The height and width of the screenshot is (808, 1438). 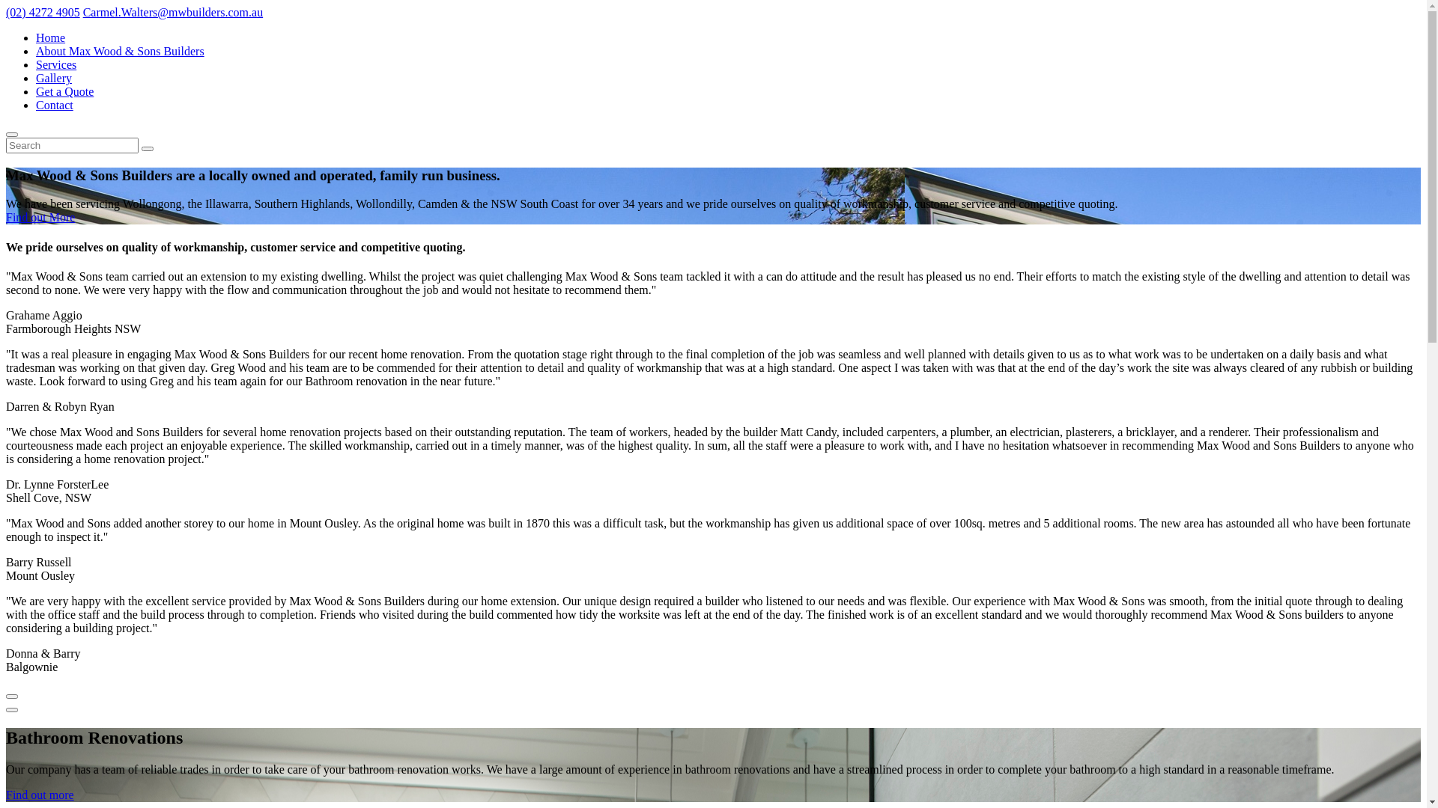 What do you see at coordinates (40, 794) in the screenshot?
I see `'Find out more'` at bounding box center [40, 794].